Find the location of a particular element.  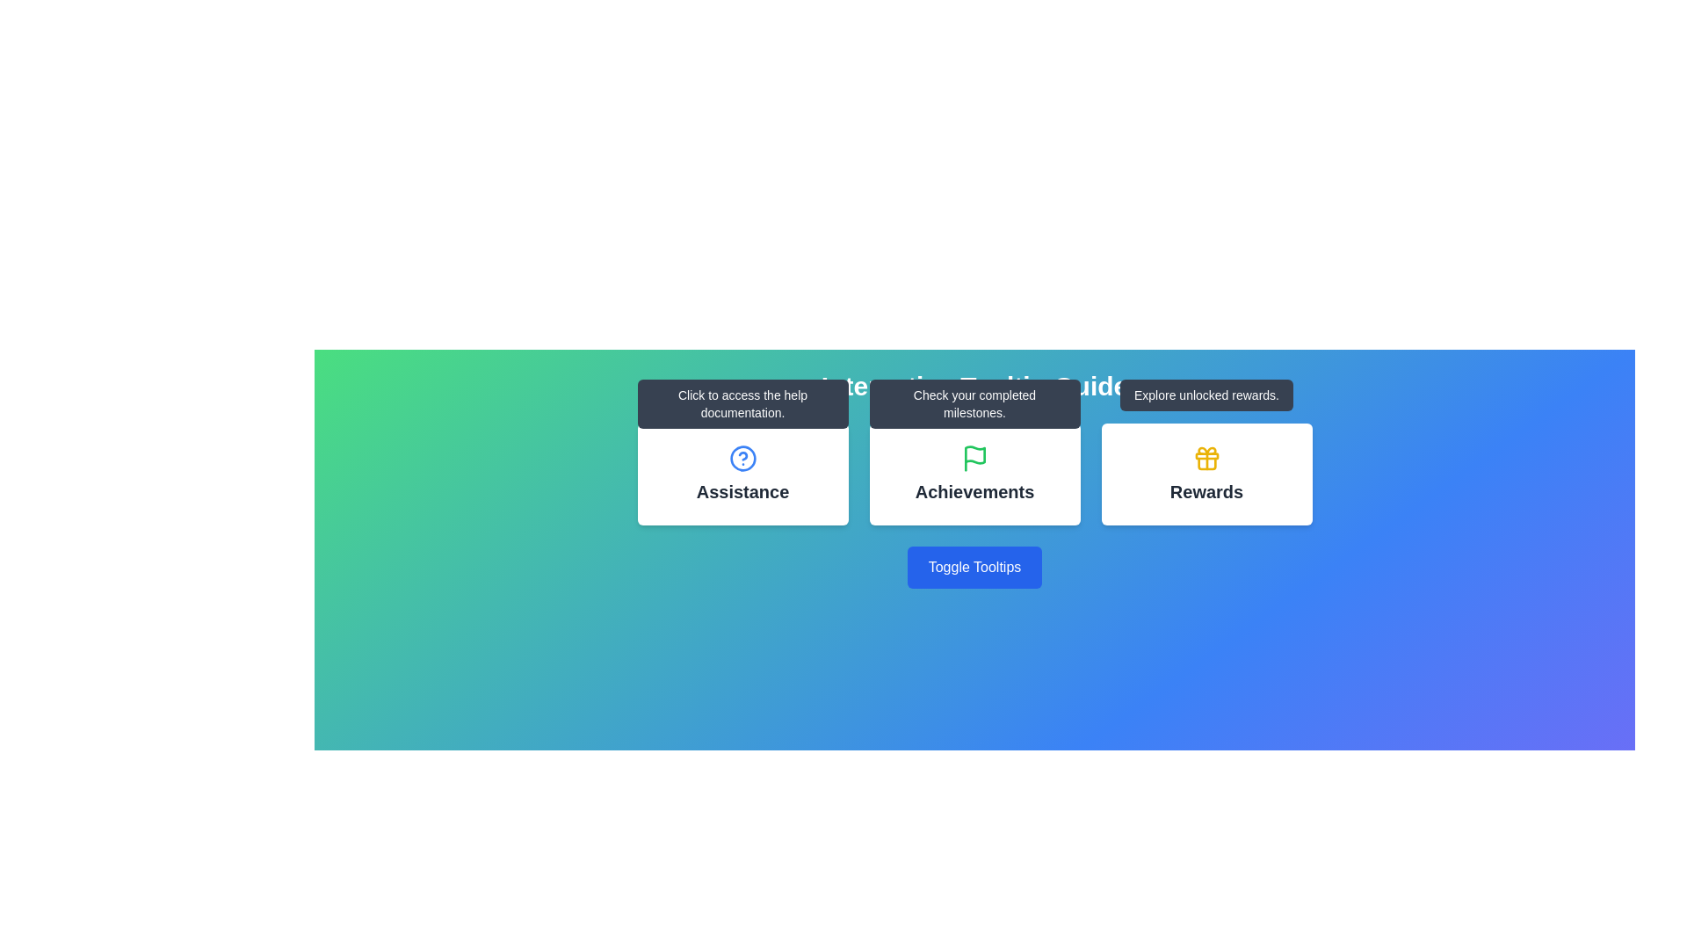

information displayed in the tooltip above the 'Achievements' section, which is indicated by a green flag icon and the text 'Achievements' below it is located at coordinates (974, 403).